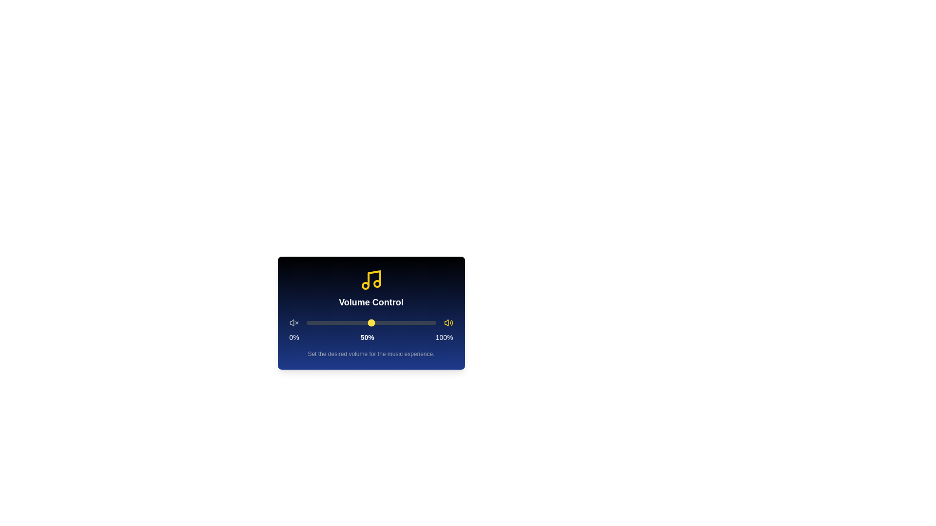  Describe the element at coordinates (400, 323) in the screenshot. I see `the volume slider to 72%` at that location.